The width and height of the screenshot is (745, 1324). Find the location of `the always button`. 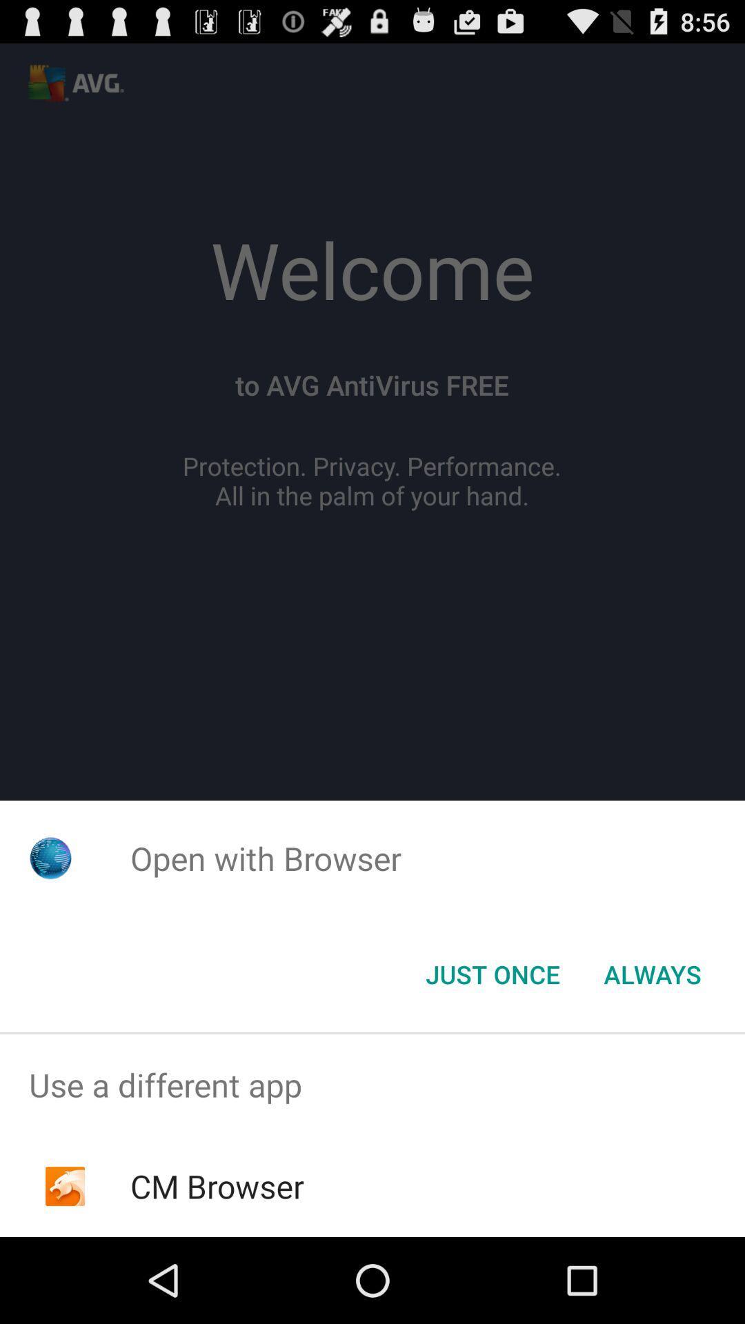

the always button is located at coordinates (652, 973).